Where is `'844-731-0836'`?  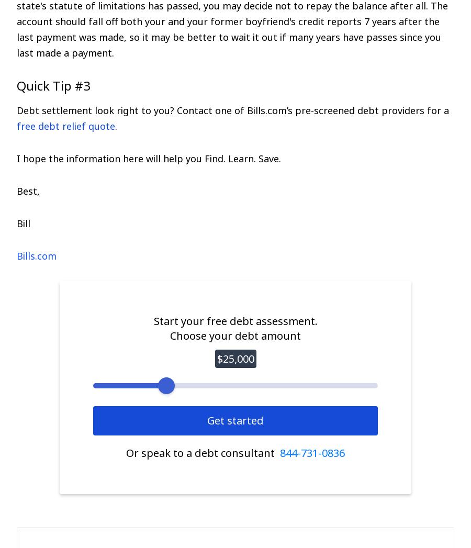 '844-731-0836' is located at coordinates (279, 452).